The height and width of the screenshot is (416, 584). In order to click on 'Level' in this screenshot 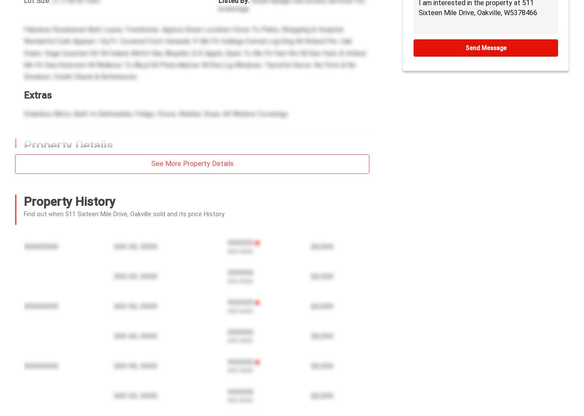, I will do `click(232, 333)`.